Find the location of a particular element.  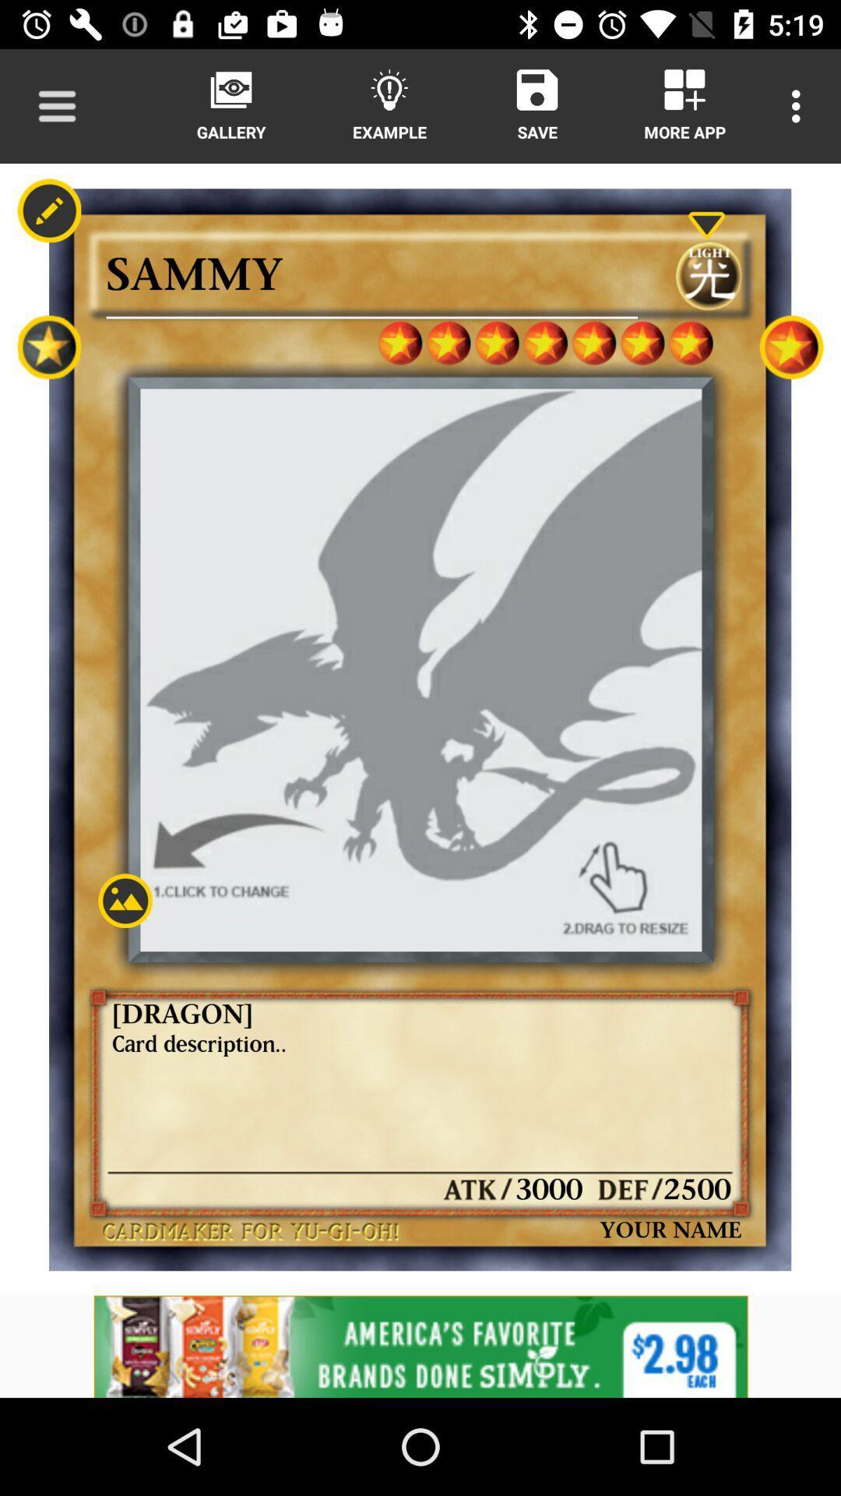

the star icon is located at coordinates (791, 346).